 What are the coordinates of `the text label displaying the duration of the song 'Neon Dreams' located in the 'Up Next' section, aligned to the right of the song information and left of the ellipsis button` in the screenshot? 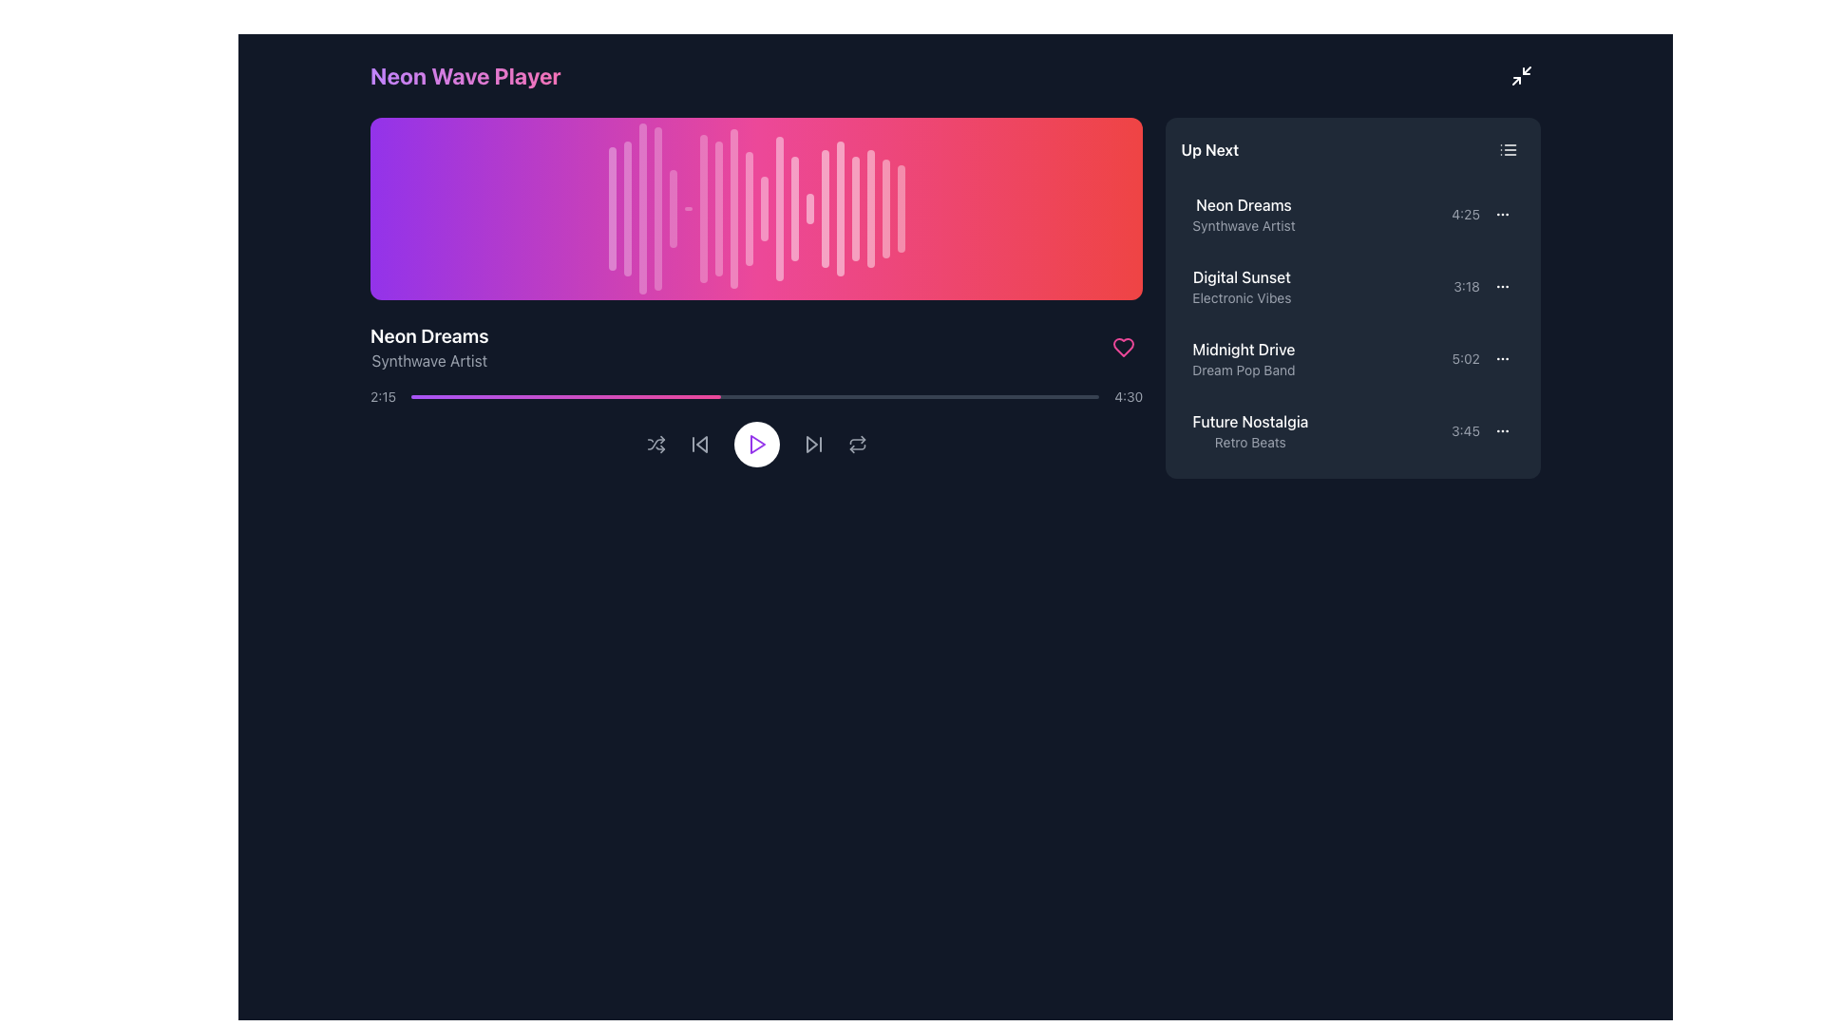 It's located at (1465, 214).